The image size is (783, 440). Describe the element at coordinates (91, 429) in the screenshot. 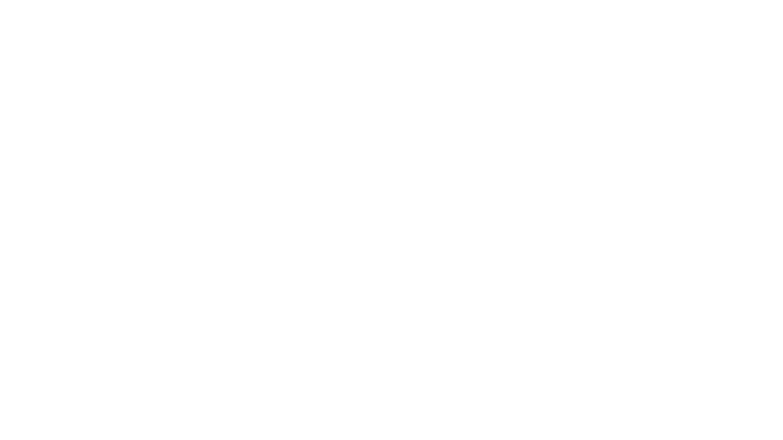

I see `Expand Medicine and Health Sciences` at that location.